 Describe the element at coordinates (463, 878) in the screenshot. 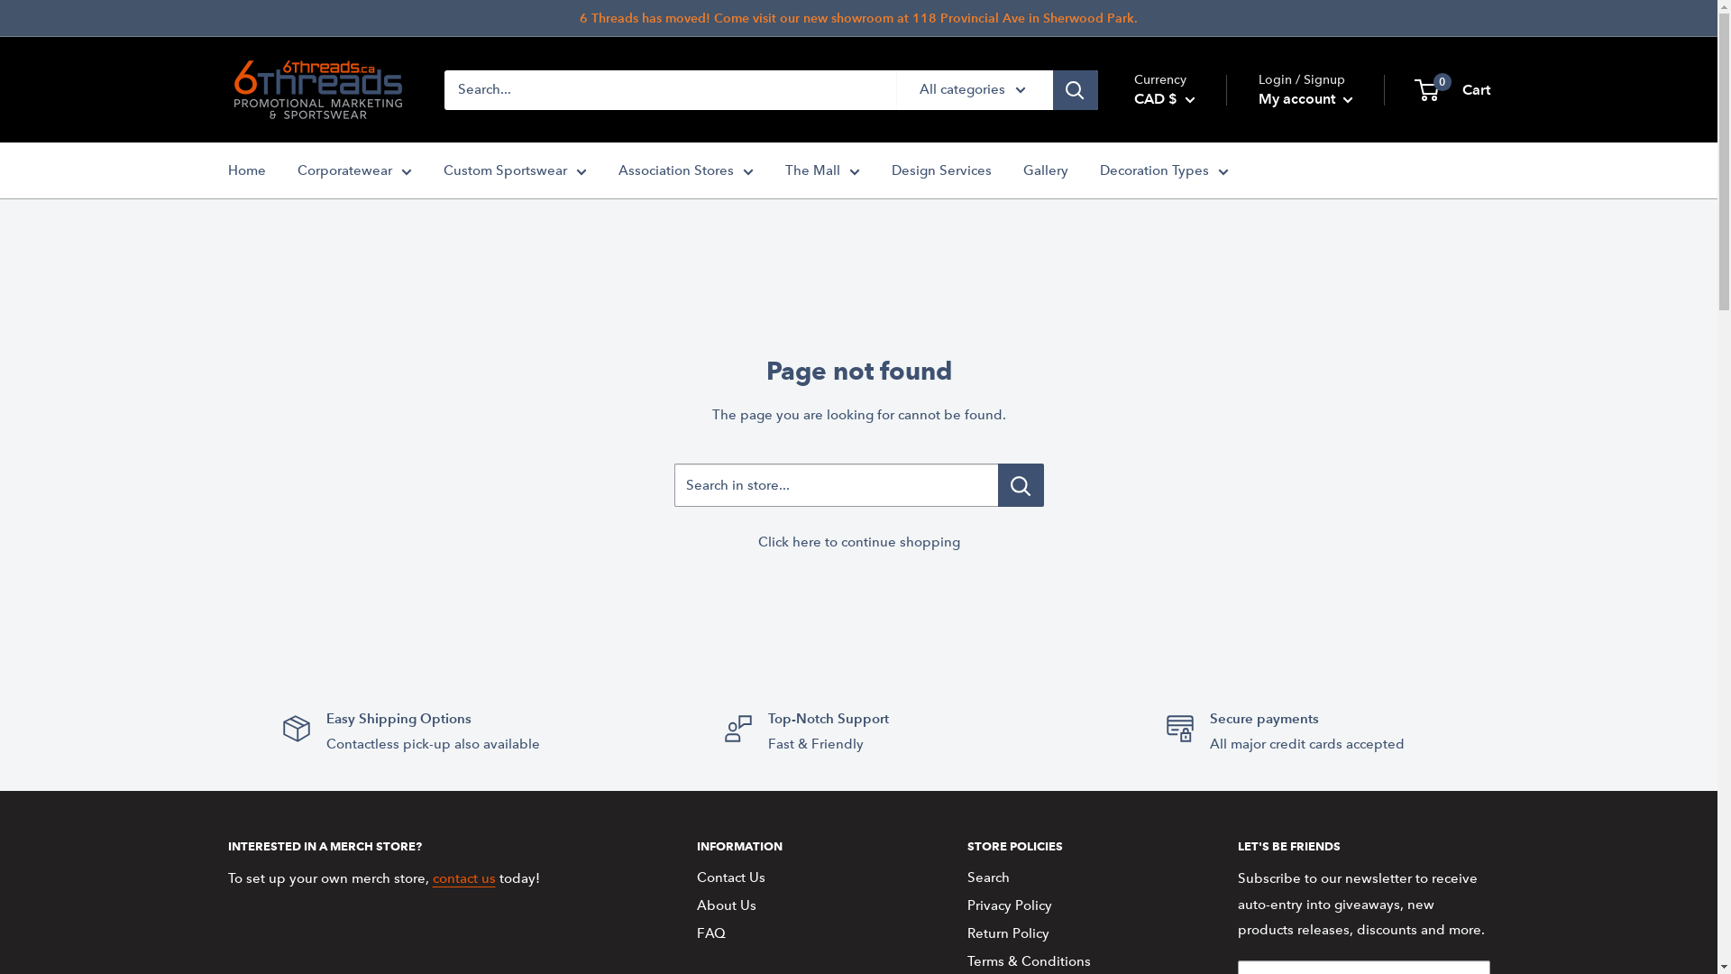

I see `'contact us'` at that location.